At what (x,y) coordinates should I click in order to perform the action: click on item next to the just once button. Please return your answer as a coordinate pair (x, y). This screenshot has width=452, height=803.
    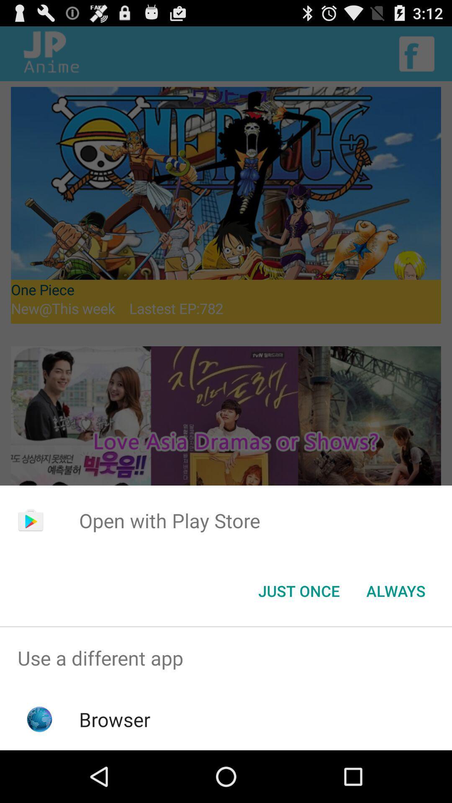
    Looking at the image, I should click on (395, 590).